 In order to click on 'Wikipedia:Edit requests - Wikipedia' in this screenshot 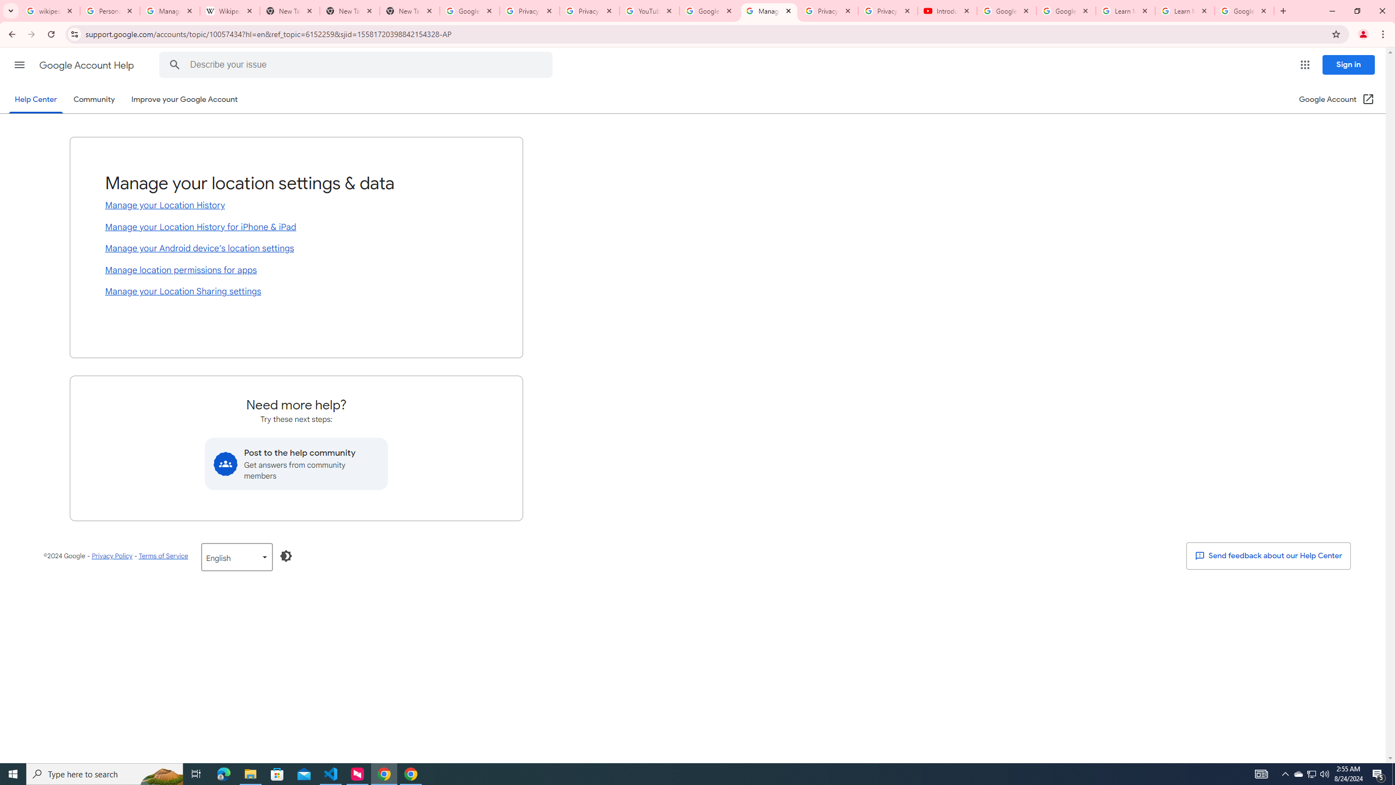, I will do `click(229, 10)`.